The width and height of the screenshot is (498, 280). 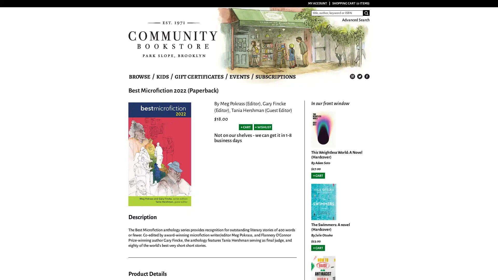 I want to click on Add to Cart, so click(x=318, y=175).